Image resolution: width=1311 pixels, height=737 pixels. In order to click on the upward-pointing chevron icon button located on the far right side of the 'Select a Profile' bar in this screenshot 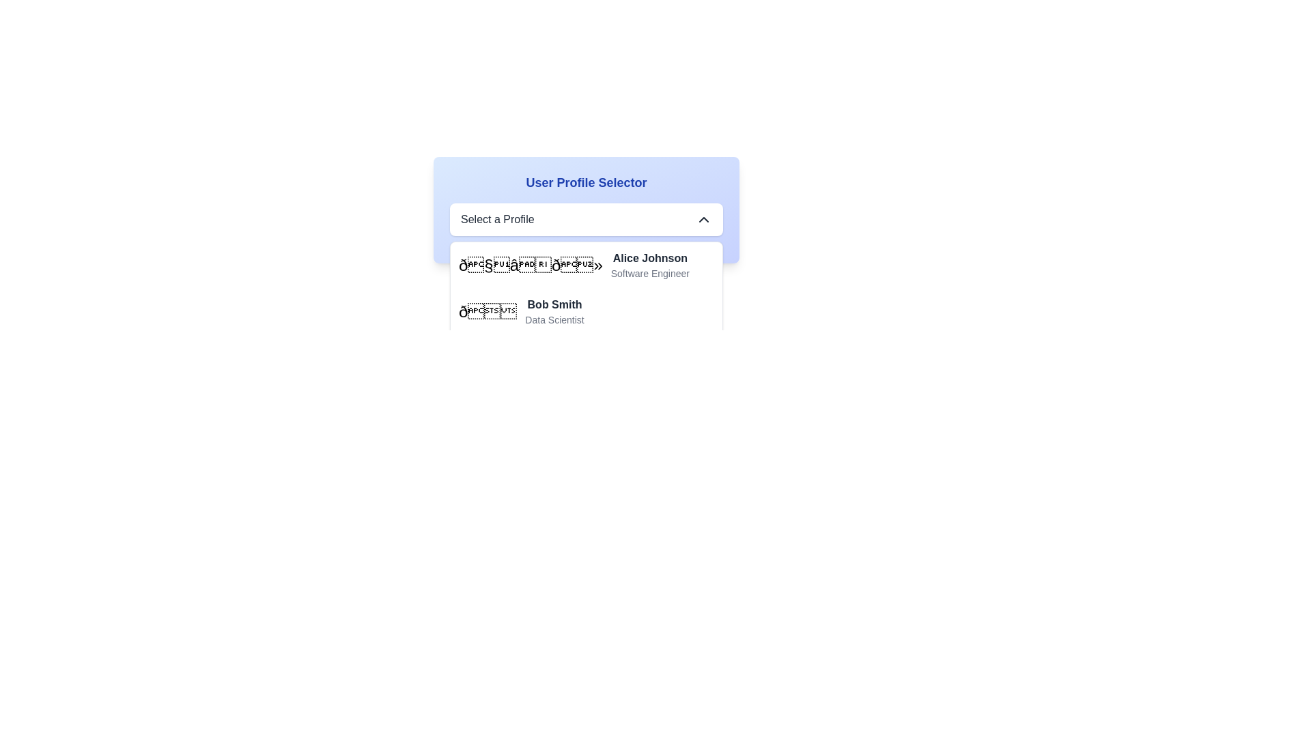, I will do `click(704, 218)`.